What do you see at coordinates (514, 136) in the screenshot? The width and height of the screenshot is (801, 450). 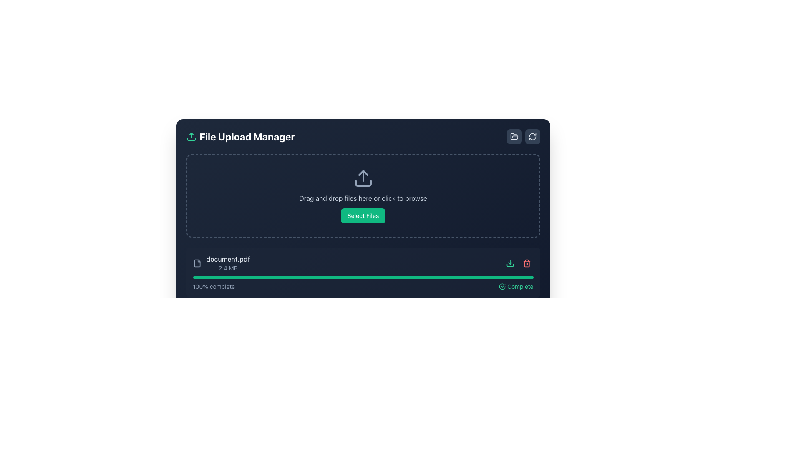 I see `the button with a dark slate background and an open folder icon located at the upper-right corner of the file manager interface to trigger hover styles` at bounding box center [514, 136].